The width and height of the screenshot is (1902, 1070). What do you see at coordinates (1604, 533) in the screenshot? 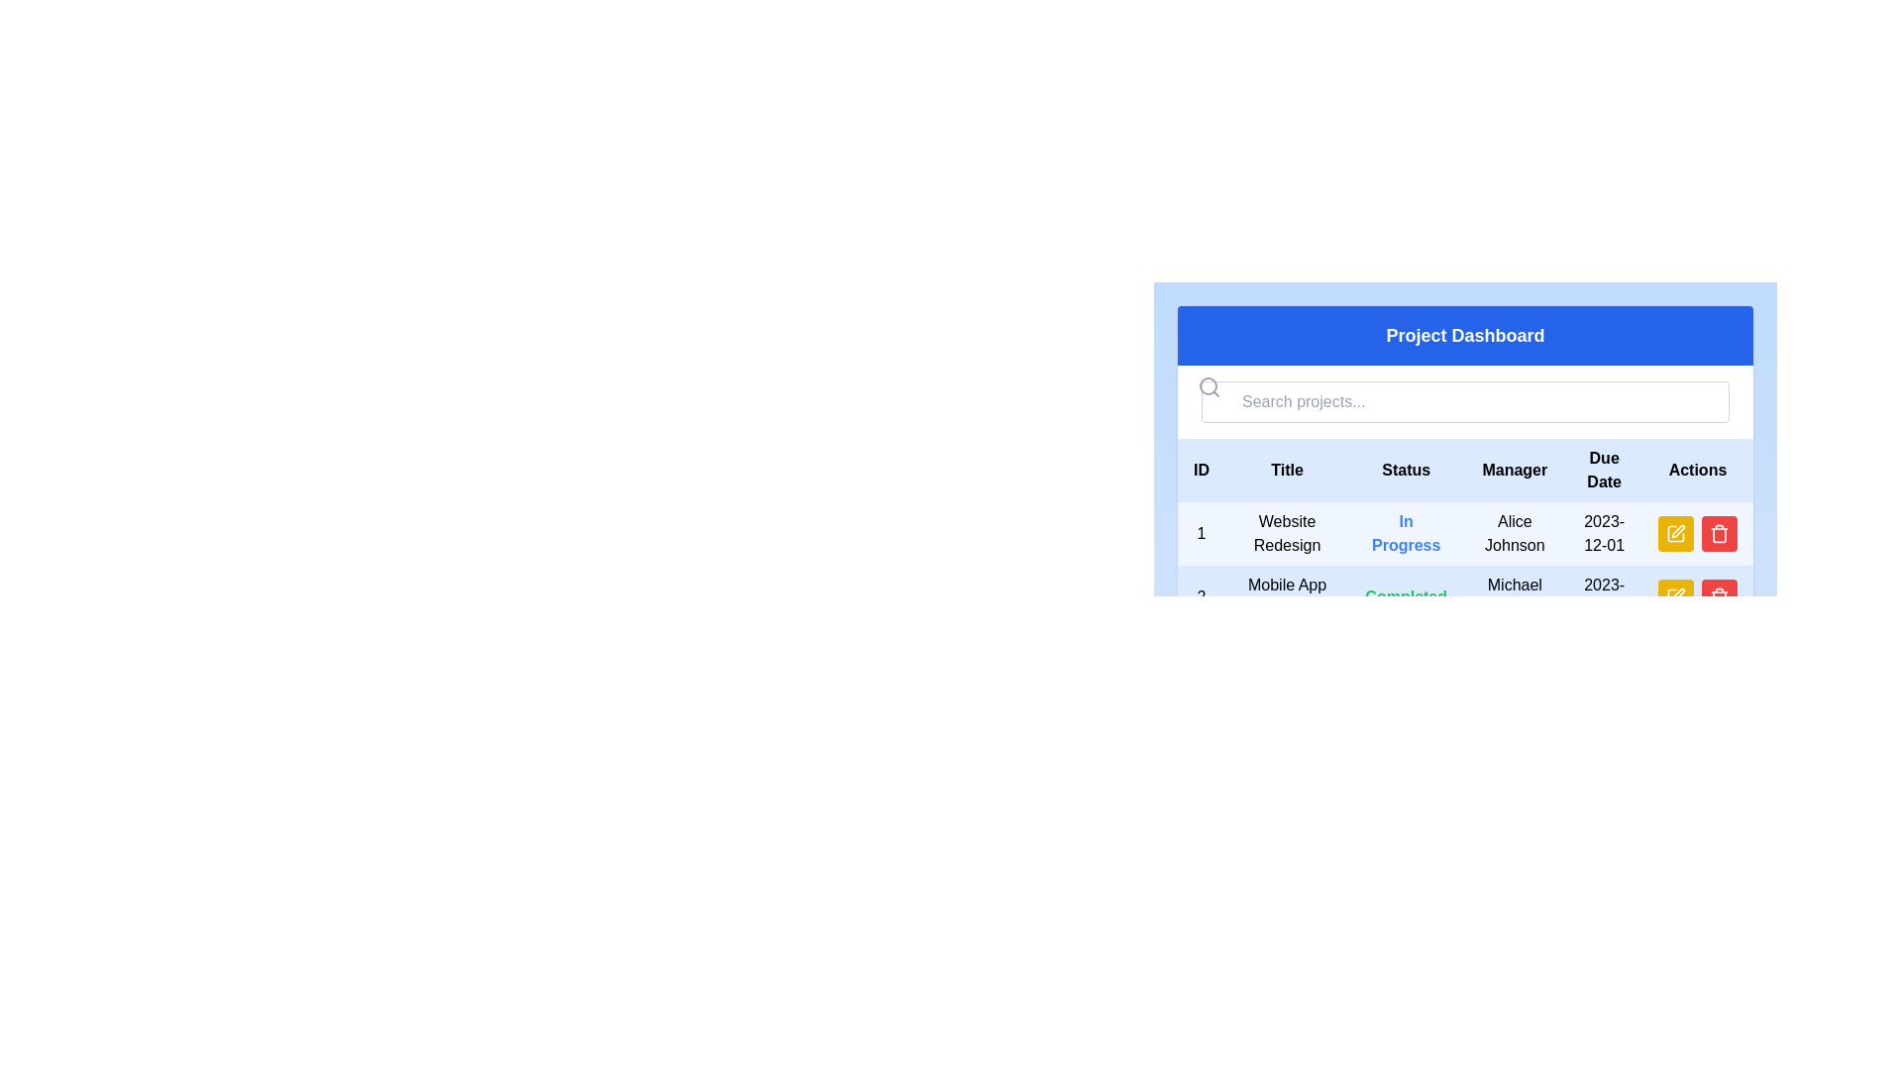
I see `the static text displaying '2023-12-01', which is centered in the last column of the first row in the 'Project Dashboard' data table` at bounding box center [1604, 533].